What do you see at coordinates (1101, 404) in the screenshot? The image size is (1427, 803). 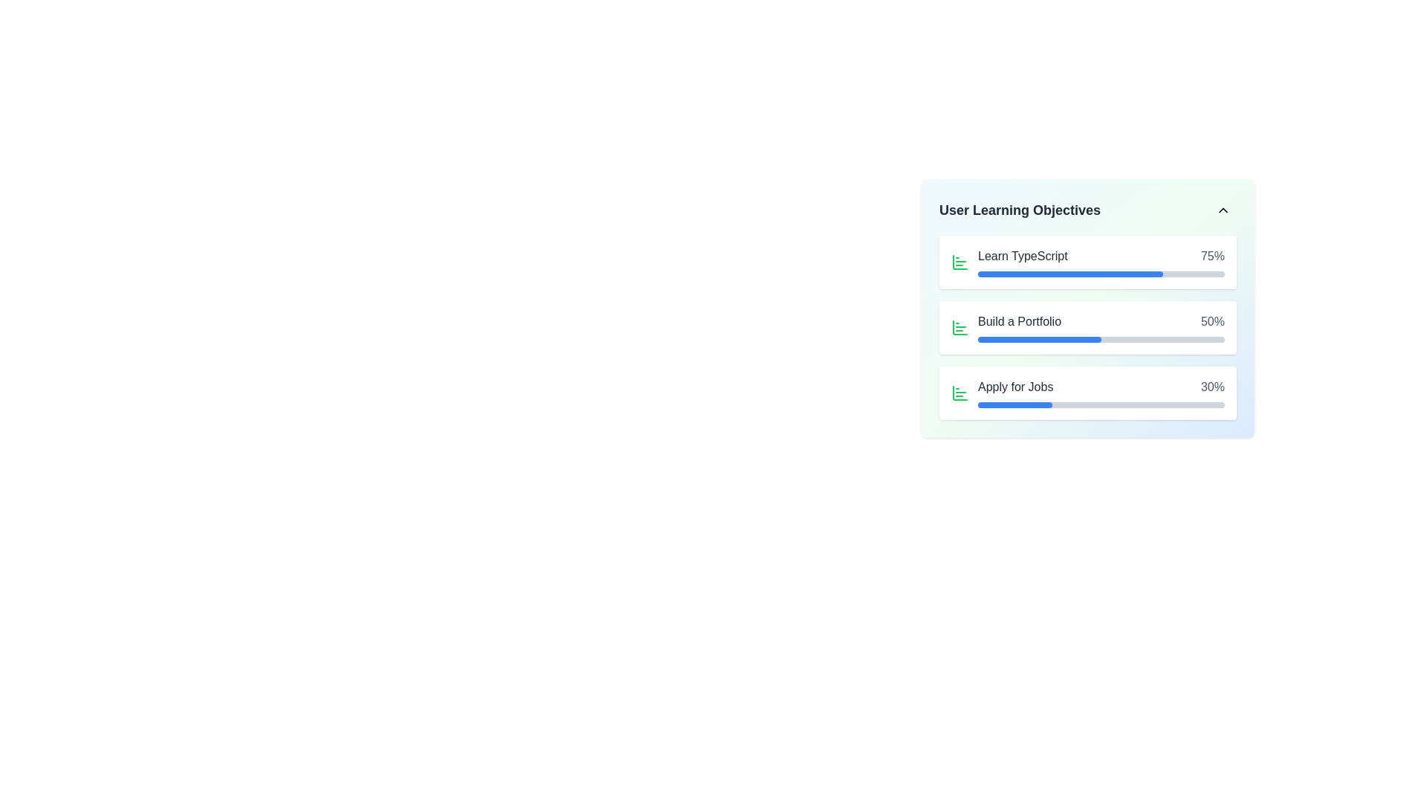 I see `the progress bar representing a 30% completion for the 'Apply for Jobs' objective located beneath the text 'Apply for Jobs' in the 'User Learning Objectives' section` at bounding box center [1101, 404].